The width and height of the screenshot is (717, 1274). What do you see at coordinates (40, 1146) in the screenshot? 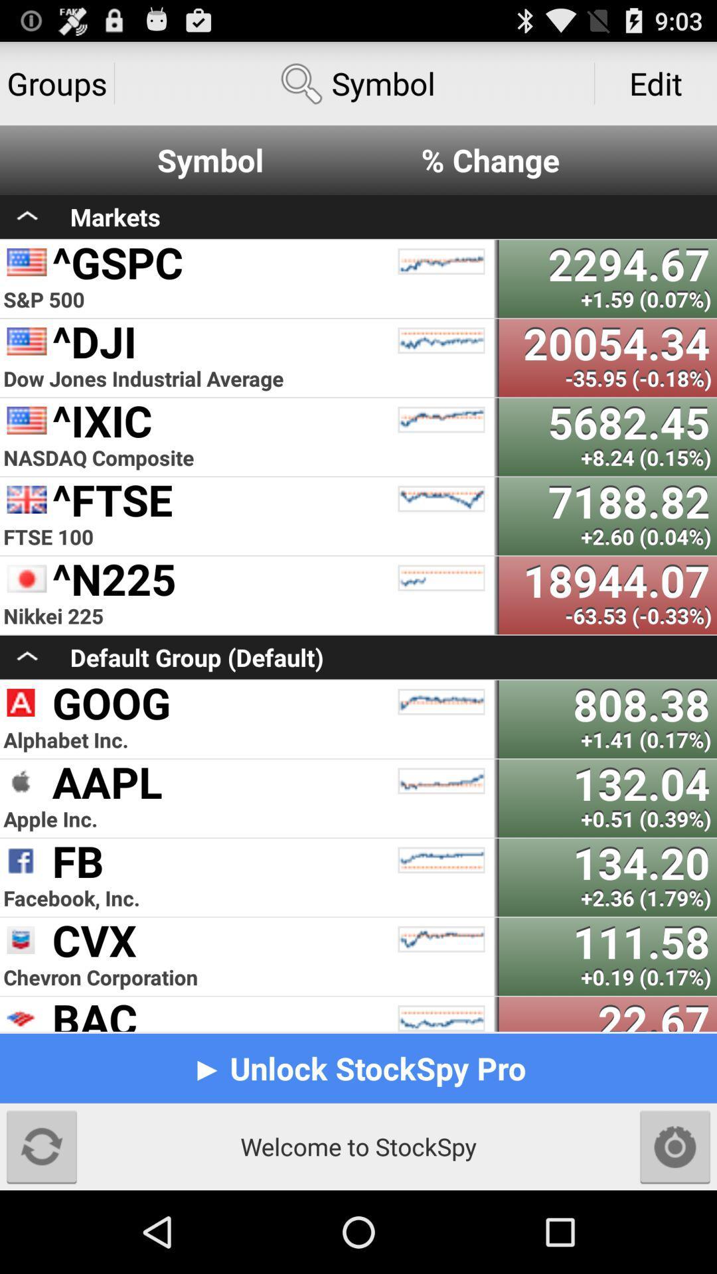
I see `refresh` at bounding box center [40, 1146].